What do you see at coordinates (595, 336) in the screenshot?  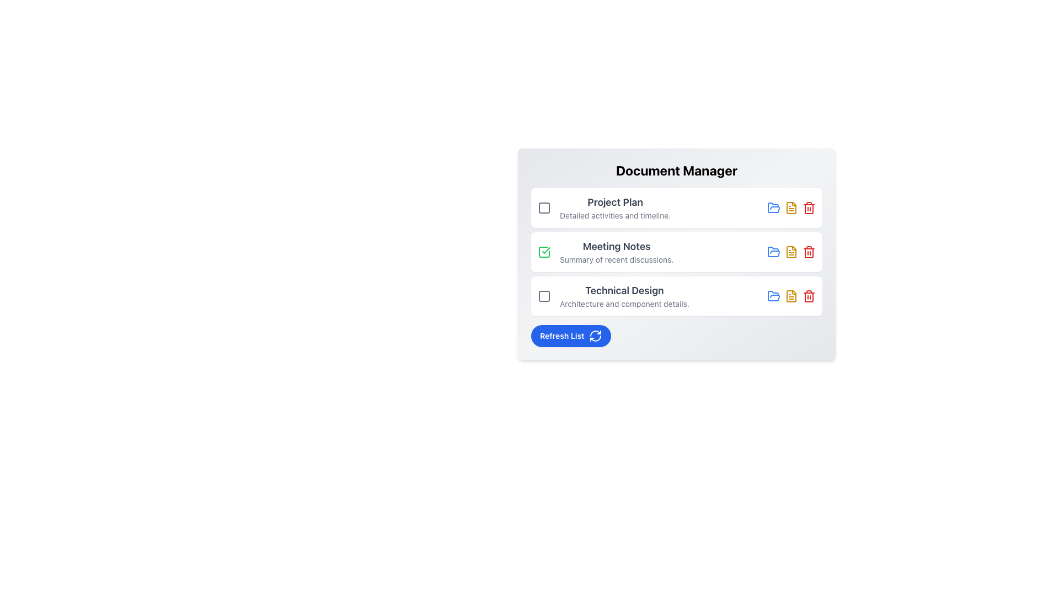 I see `the refresh icon located within the 'Refresh List' button at the bottom center of the card interface` at bounding box center [595, 336].